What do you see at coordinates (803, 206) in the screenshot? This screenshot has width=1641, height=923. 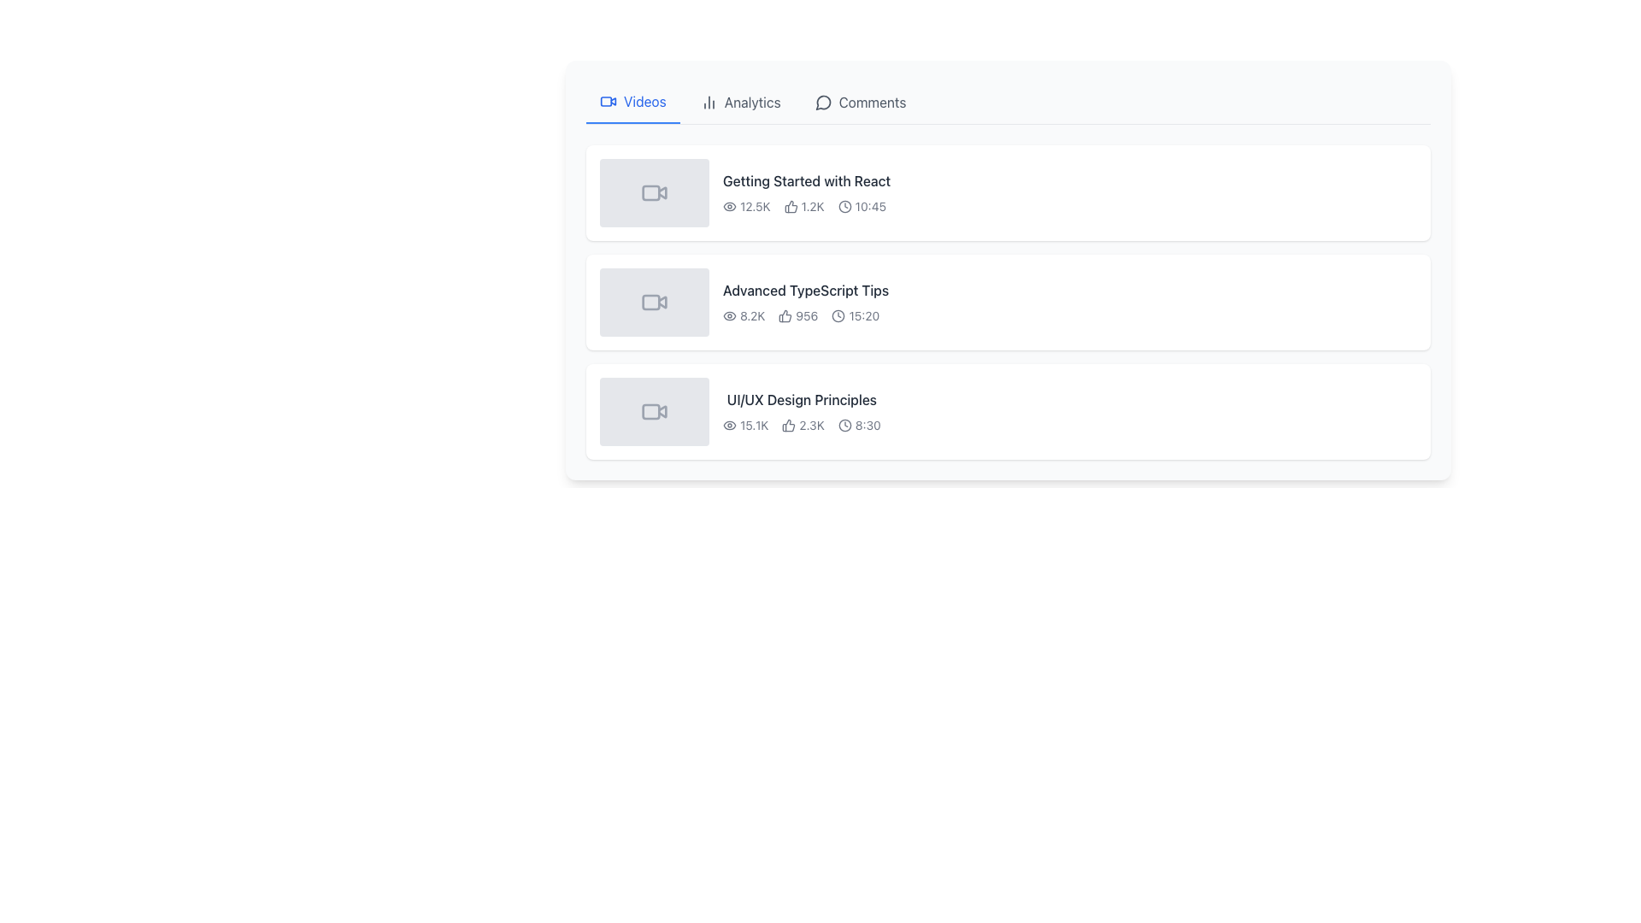 I see `the thumbs-up icon located to the left of the time value '10:45' and to the right of the count '12.5K' to like the item` at bounding box center [803, 206].